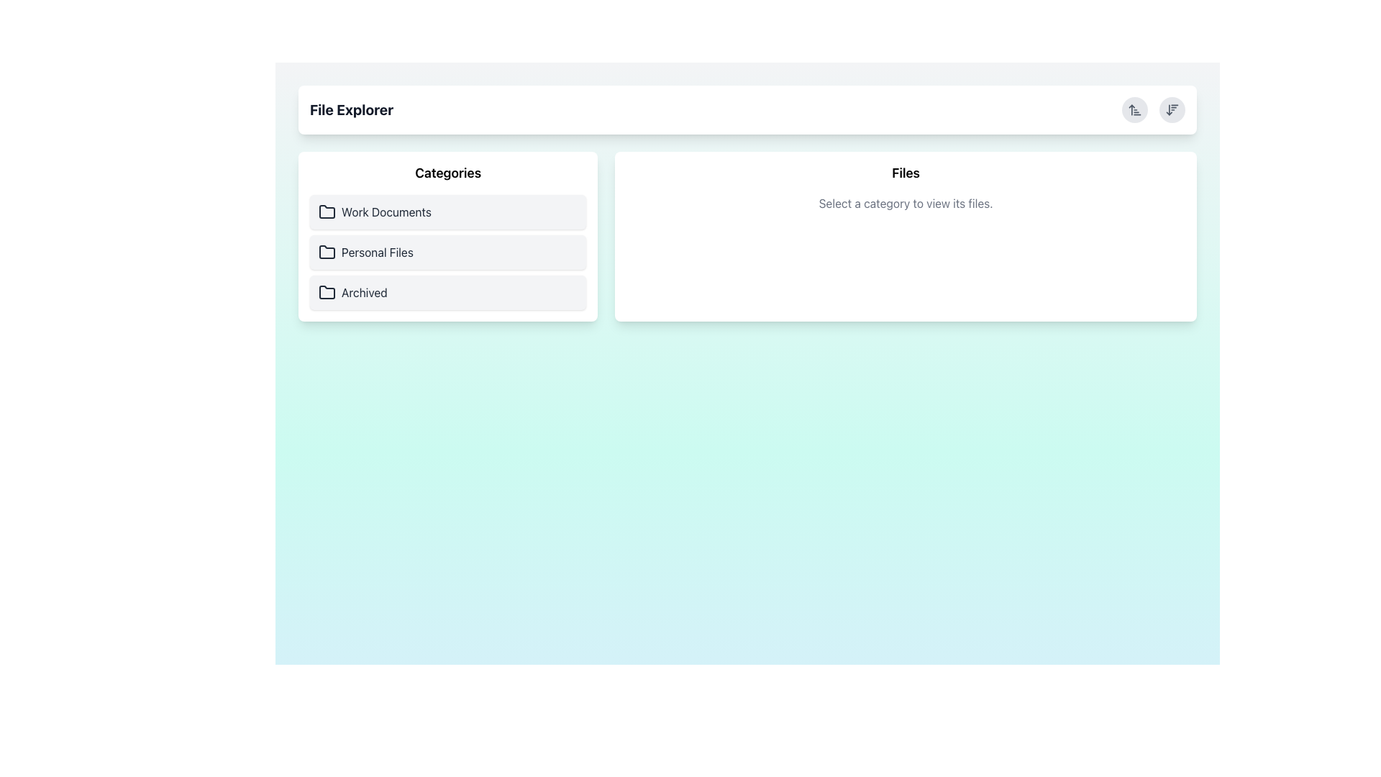 This screenshot has width=1381, height=777. Describe the element at coordinates (447, 235) in the screenshot. I see `the 'Personal Files' menu option in the left panel under 'Categories'` at that location.